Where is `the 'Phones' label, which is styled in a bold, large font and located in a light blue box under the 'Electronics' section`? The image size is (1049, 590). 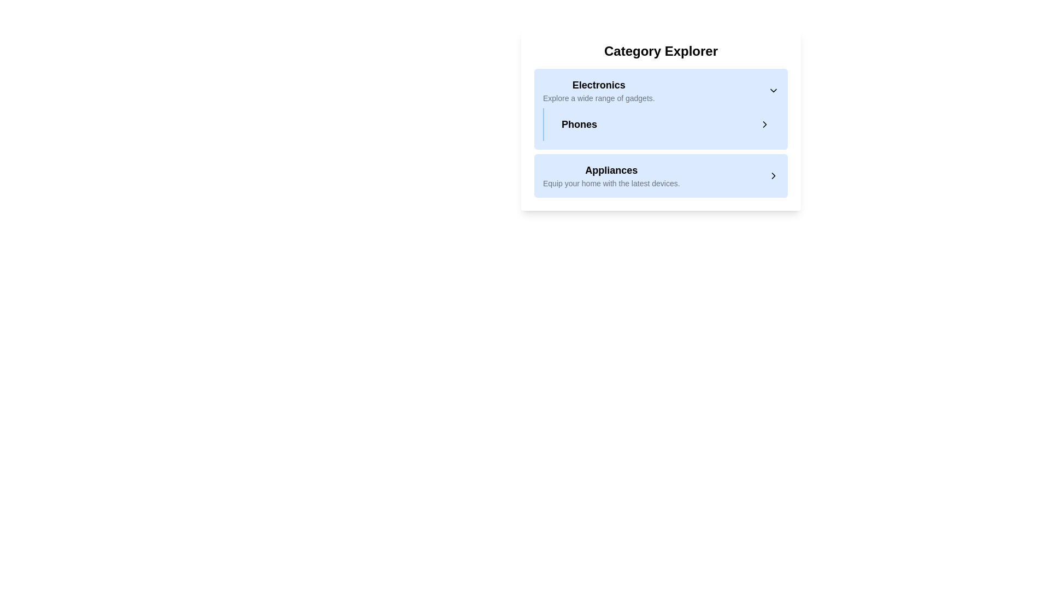
the 'Phones' label, which is styled in a bold, large font and located in a light blue box under the 'Electronics' section is located at coordinates (579, 123).